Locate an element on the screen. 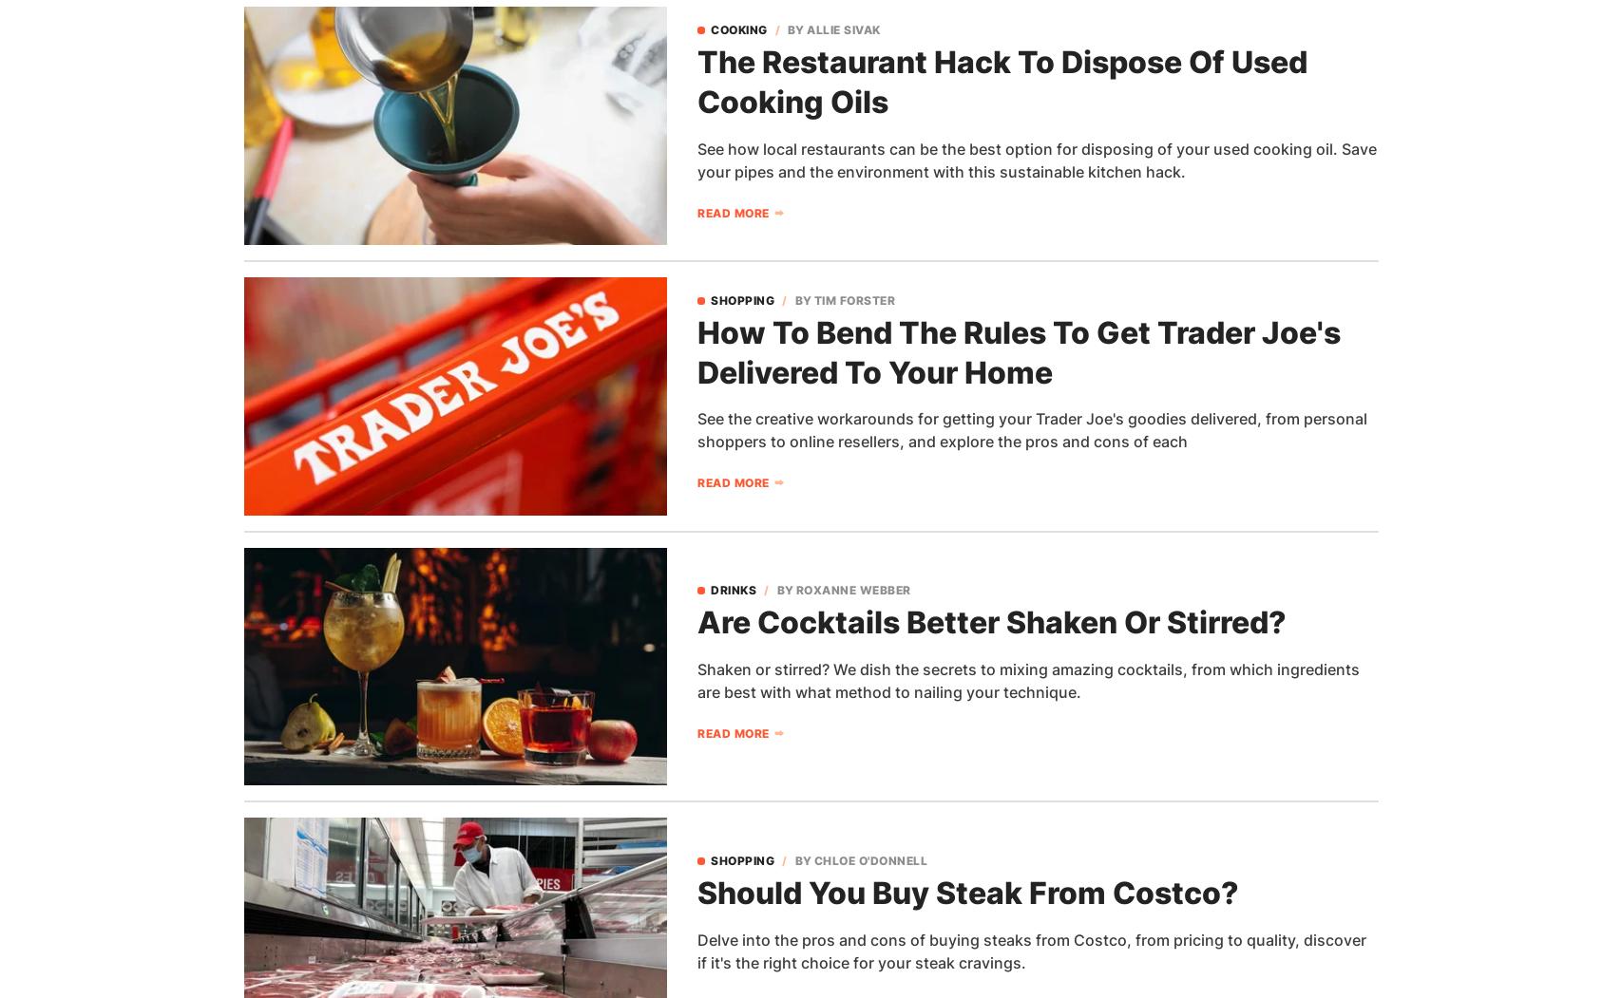  'Are Cocktails Better Shaken Or Stirred?' is located at coordinates (991, 622).